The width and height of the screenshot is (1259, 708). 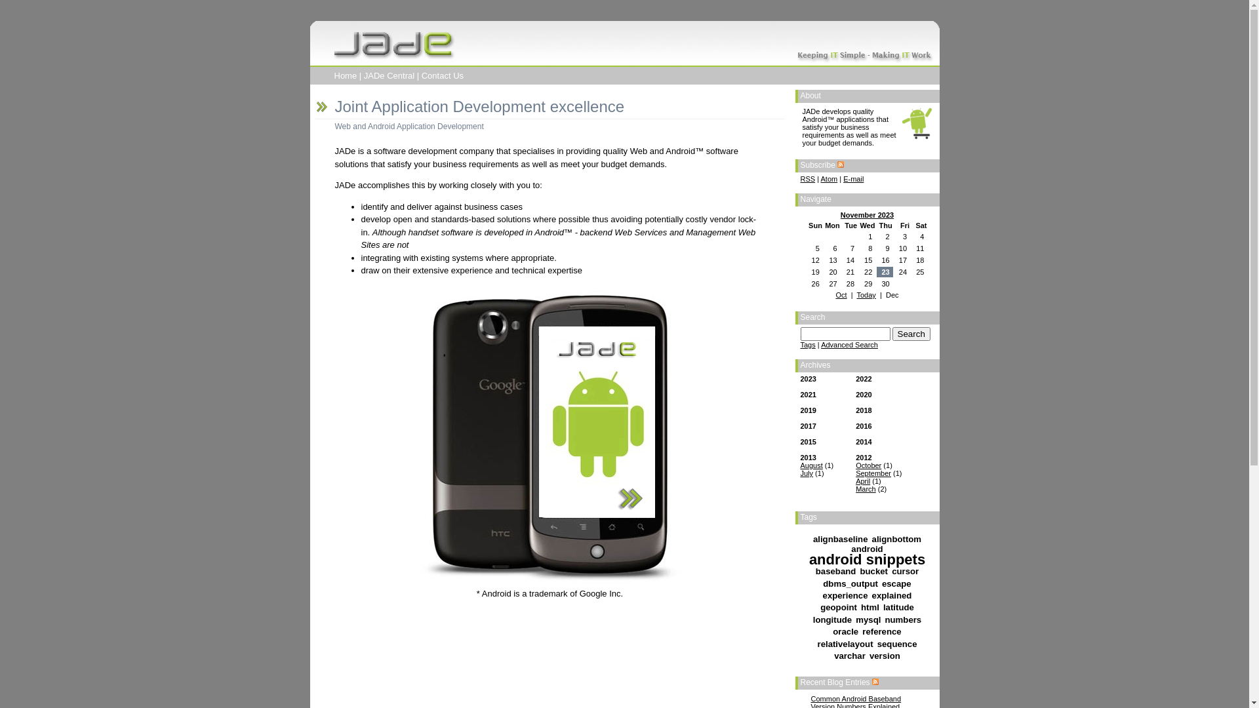 What do you see at coordinates (891, 570) in the screenshot?
I see `'cursor'` at bounding box center [891, 570].